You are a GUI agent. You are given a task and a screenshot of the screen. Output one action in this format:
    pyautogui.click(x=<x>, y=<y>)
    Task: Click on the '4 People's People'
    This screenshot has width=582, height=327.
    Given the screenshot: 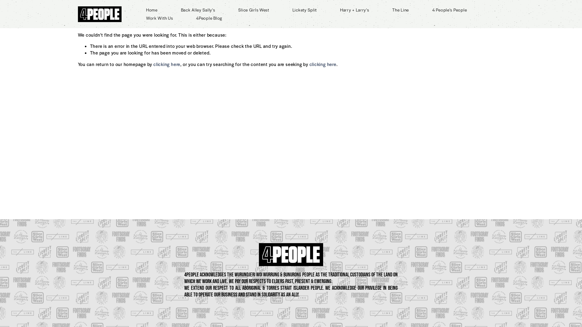 What is the action you would take?
    pyautogui.click(x=432, y=10)
    